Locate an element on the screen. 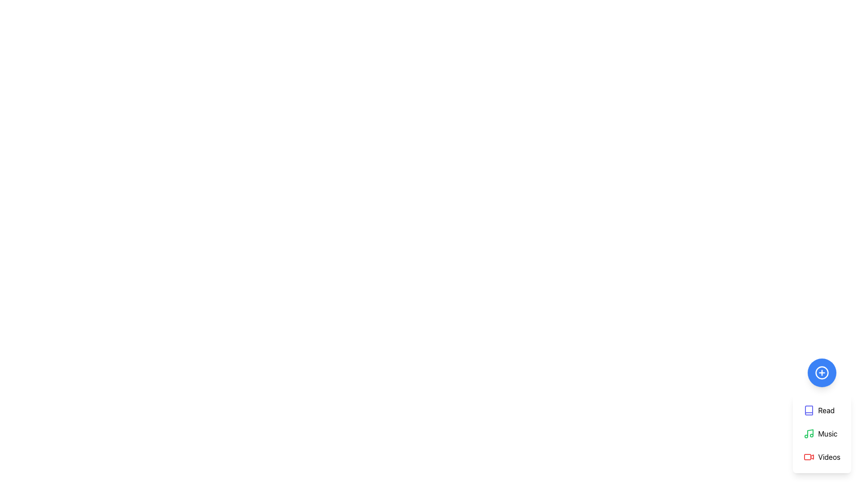  the first menu option located below the '+' circular button in the bottom-right corner of the interface is located at coordinates (822, 416).